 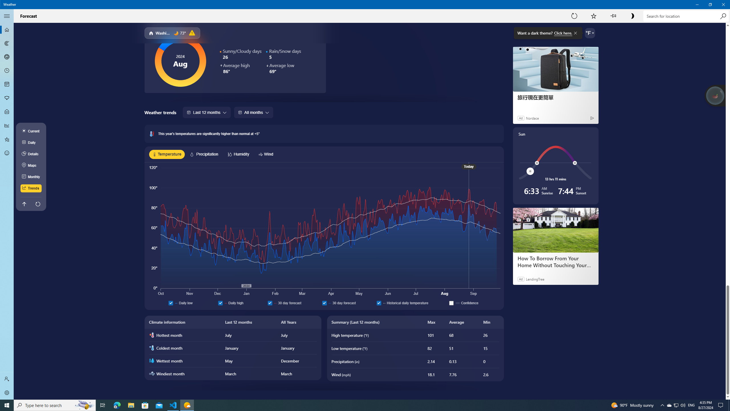 What do you see at coordinates (662, 405) in the screenshot?
I see `'Notification Chevron'` at bounding box center [662, 405].